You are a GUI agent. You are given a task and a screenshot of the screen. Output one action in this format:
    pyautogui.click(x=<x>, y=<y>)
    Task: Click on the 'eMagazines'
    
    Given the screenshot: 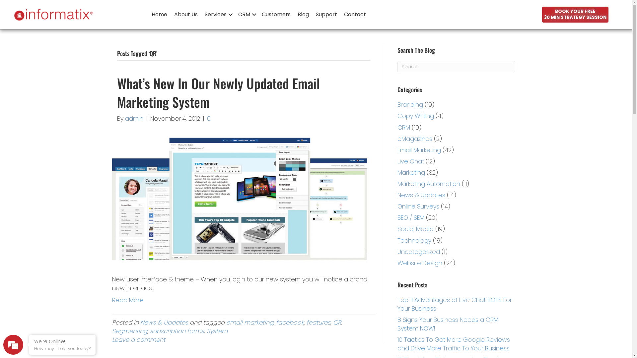 What is the action you would take?
    pyautogui.click(x=414, y=138)
    